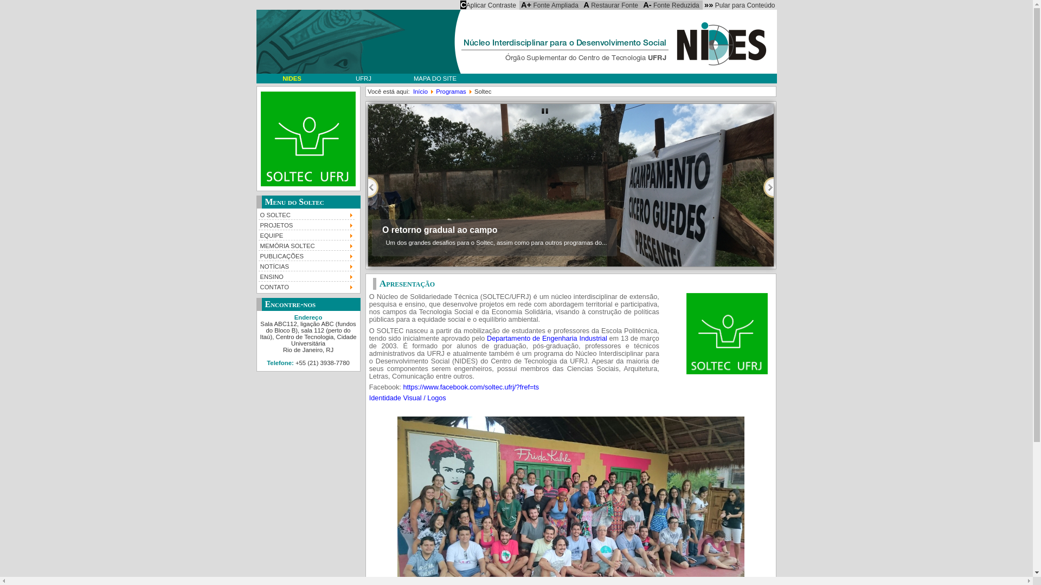 This screenshot has width=1041, height=585. I want to click on 'Departamento de Engenharia Industrial', so click(547, 337).